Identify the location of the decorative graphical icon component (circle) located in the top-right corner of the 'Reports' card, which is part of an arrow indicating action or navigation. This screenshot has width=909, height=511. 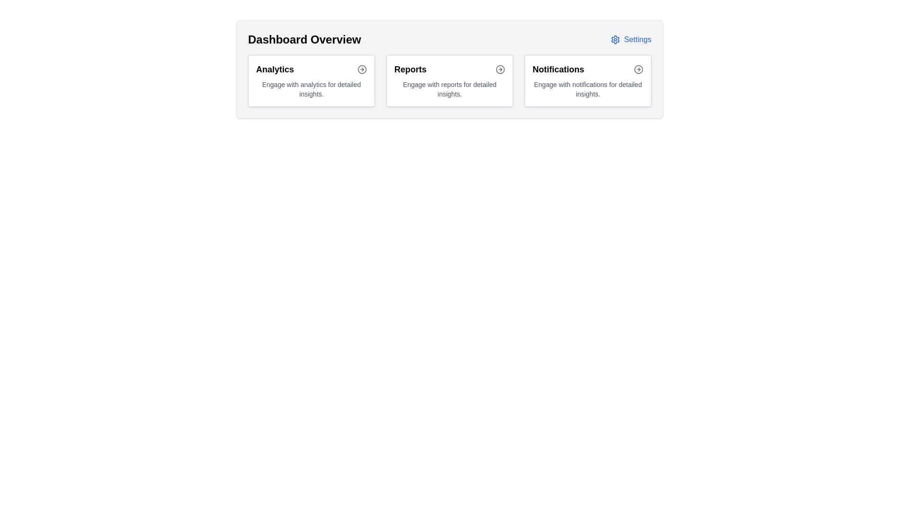
(499, 69).